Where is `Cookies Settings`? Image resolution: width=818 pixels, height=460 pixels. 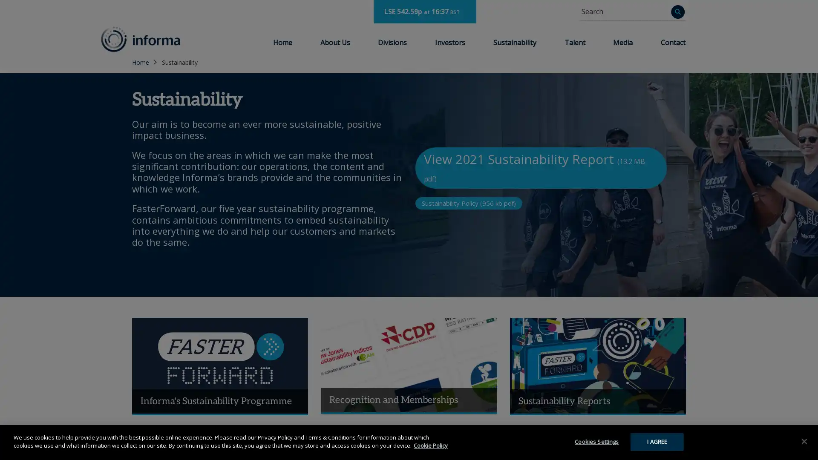
Cookies Settings is located at coordinates (596, 441).